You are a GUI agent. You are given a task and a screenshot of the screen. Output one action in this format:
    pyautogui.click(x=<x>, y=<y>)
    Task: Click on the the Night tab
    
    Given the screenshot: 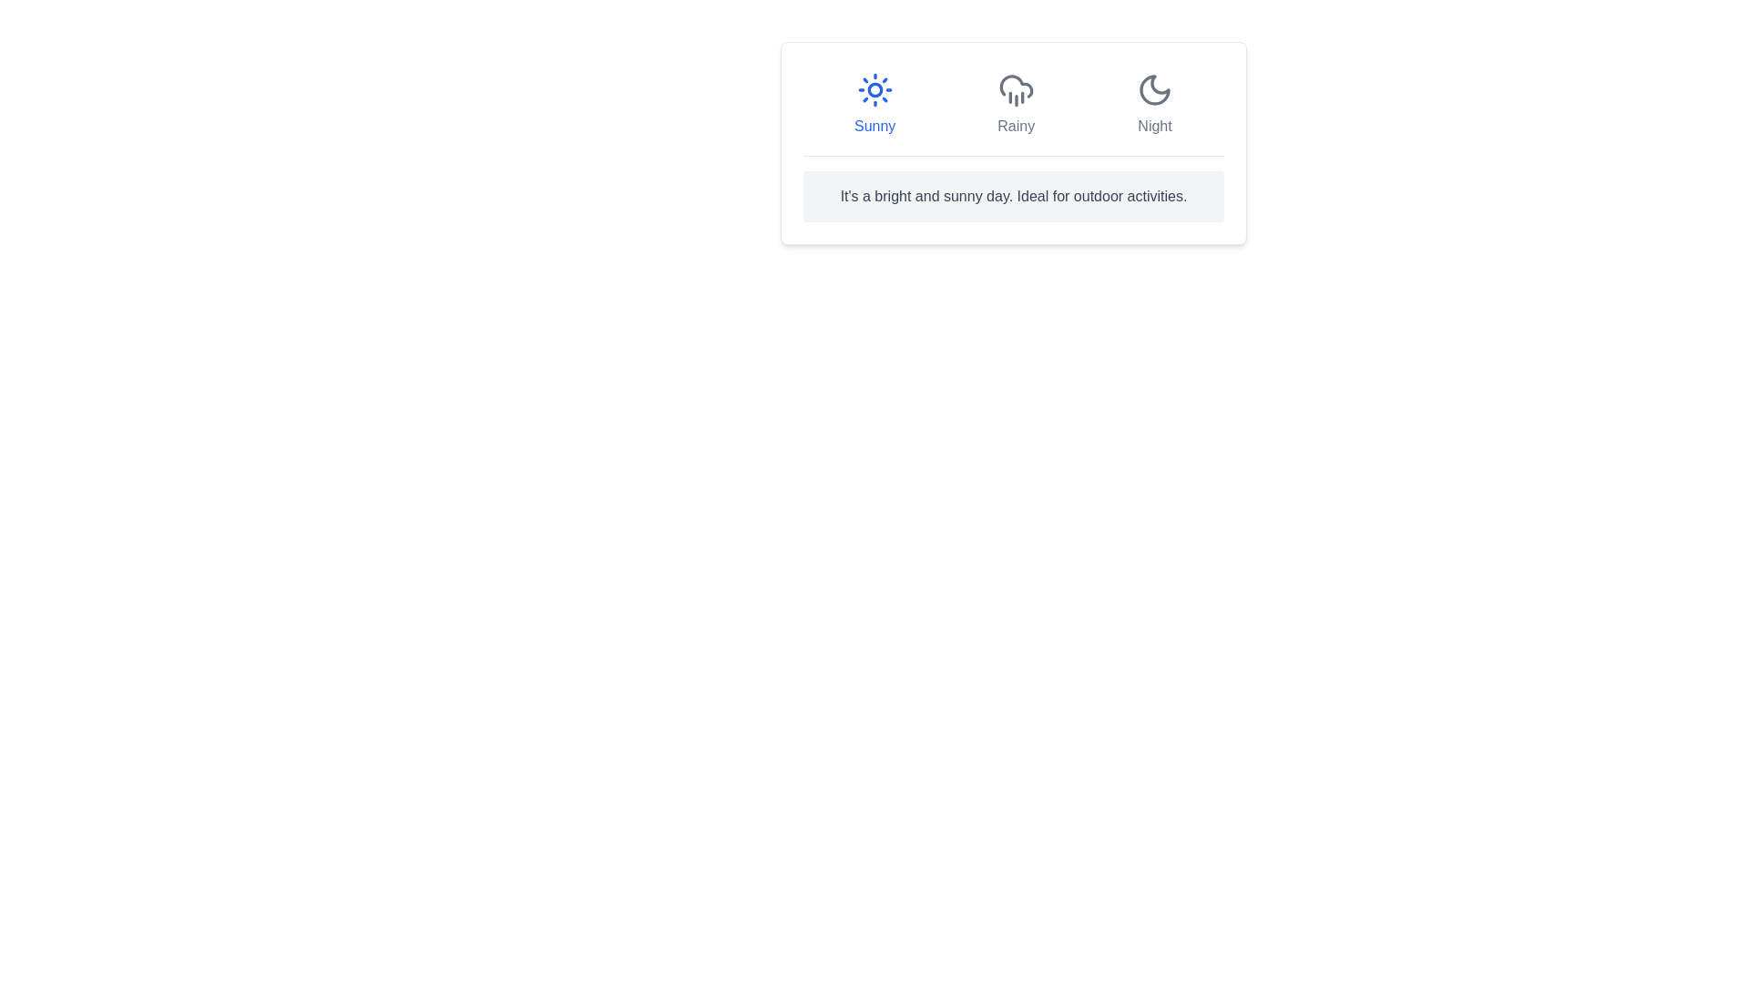 What is the action you would take?
    pyautogui.click(x=1153, y=105)
    